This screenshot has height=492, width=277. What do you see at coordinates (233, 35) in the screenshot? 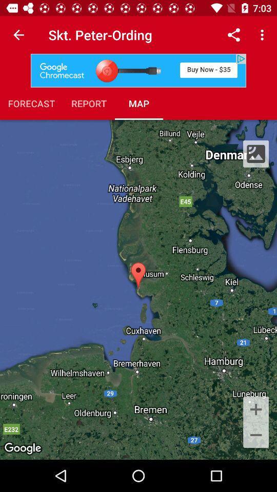
I see `item next to skt. peter-ording icon` at bounding box center [233, 35].